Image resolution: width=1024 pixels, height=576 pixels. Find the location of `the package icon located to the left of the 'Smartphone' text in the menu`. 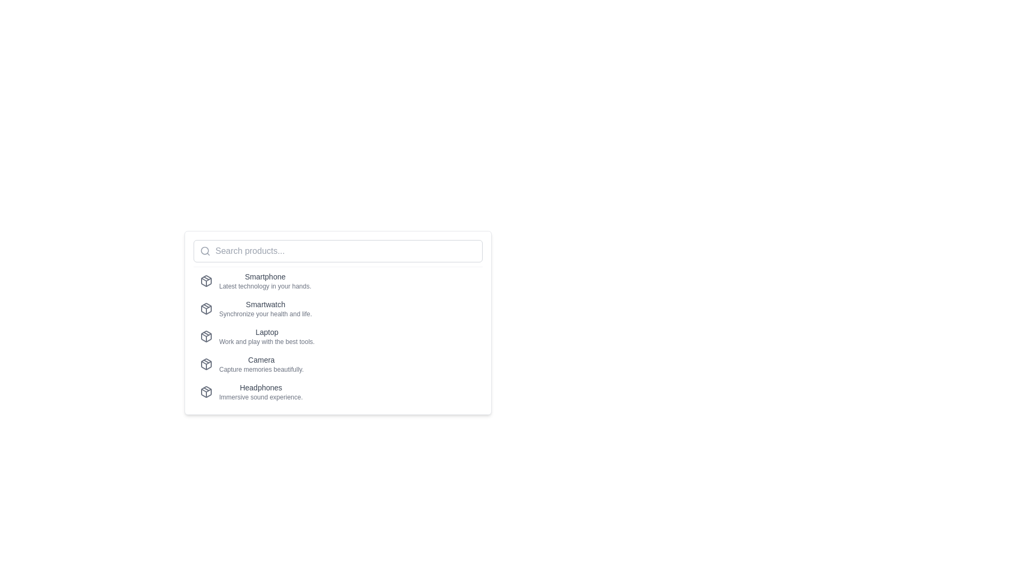

the package icon located to the left of the 'Smartphone' text in the menu is located at coordinates (206, 281).